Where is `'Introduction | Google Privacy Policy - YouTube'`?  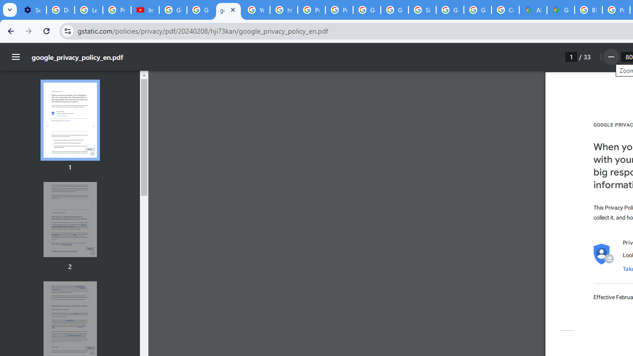
'Introduction | Google Privacy Policy - YouTube' is located at coordinates (144, 10).